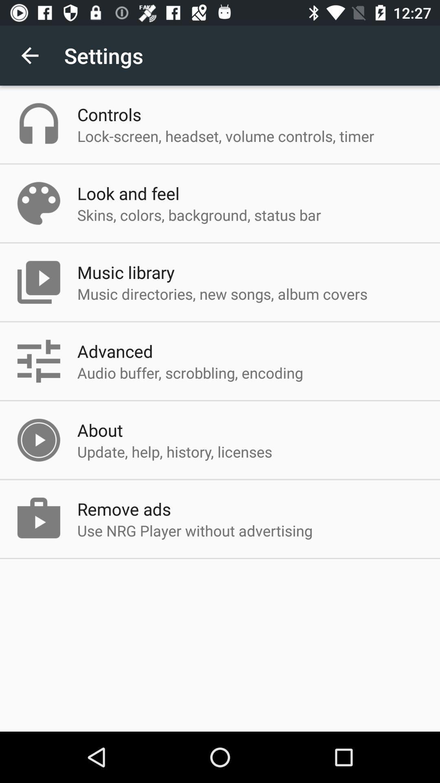  Describe the element at coordinates (29, 55) in the screenshot. I see `the app next to the settings icon` at that location.